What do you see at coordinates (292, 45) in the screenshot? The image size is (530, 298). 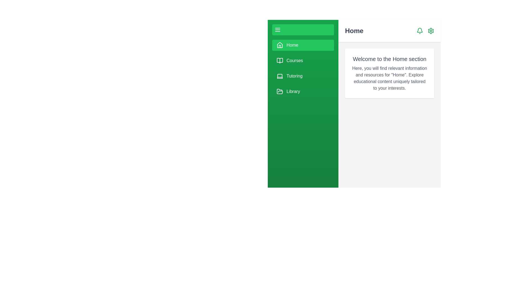 I see `the 'Home' text label in the navigation menu, which is displayed in white text over a green background` at bounding box center [292, 45].